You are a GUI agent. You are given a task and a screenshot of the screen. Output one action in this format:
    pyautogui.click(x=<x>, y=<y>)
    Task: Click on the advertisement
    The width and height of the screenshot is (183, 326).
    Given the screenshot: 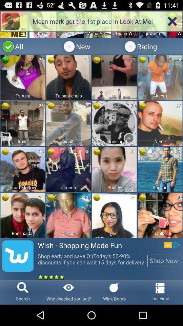 What is the action you would take?
    pyautogui.click(x=91, y=145)
    